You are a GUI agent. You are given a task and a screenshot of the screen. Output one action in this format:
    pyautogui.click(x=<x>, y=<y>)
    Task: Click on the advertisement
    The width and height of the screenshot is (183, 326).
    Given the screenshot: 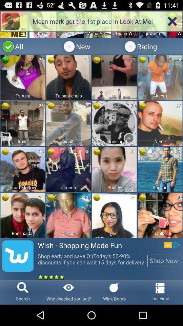 What is the action you would take?
    pyautogui.click(x=91, y=145)
    